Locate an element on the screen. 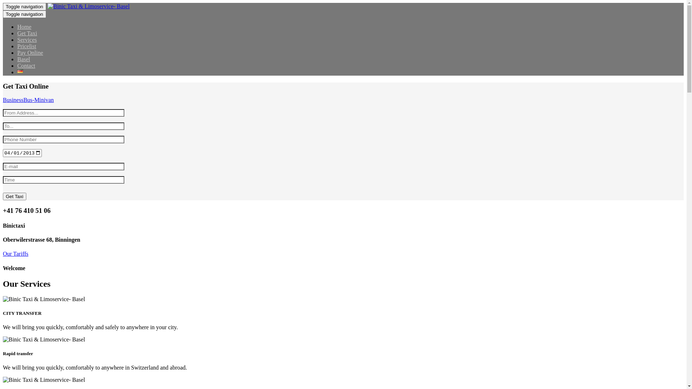 This screenshot has height=389, width=692. 'Get Taxi' is located at coordinates (27, 33).